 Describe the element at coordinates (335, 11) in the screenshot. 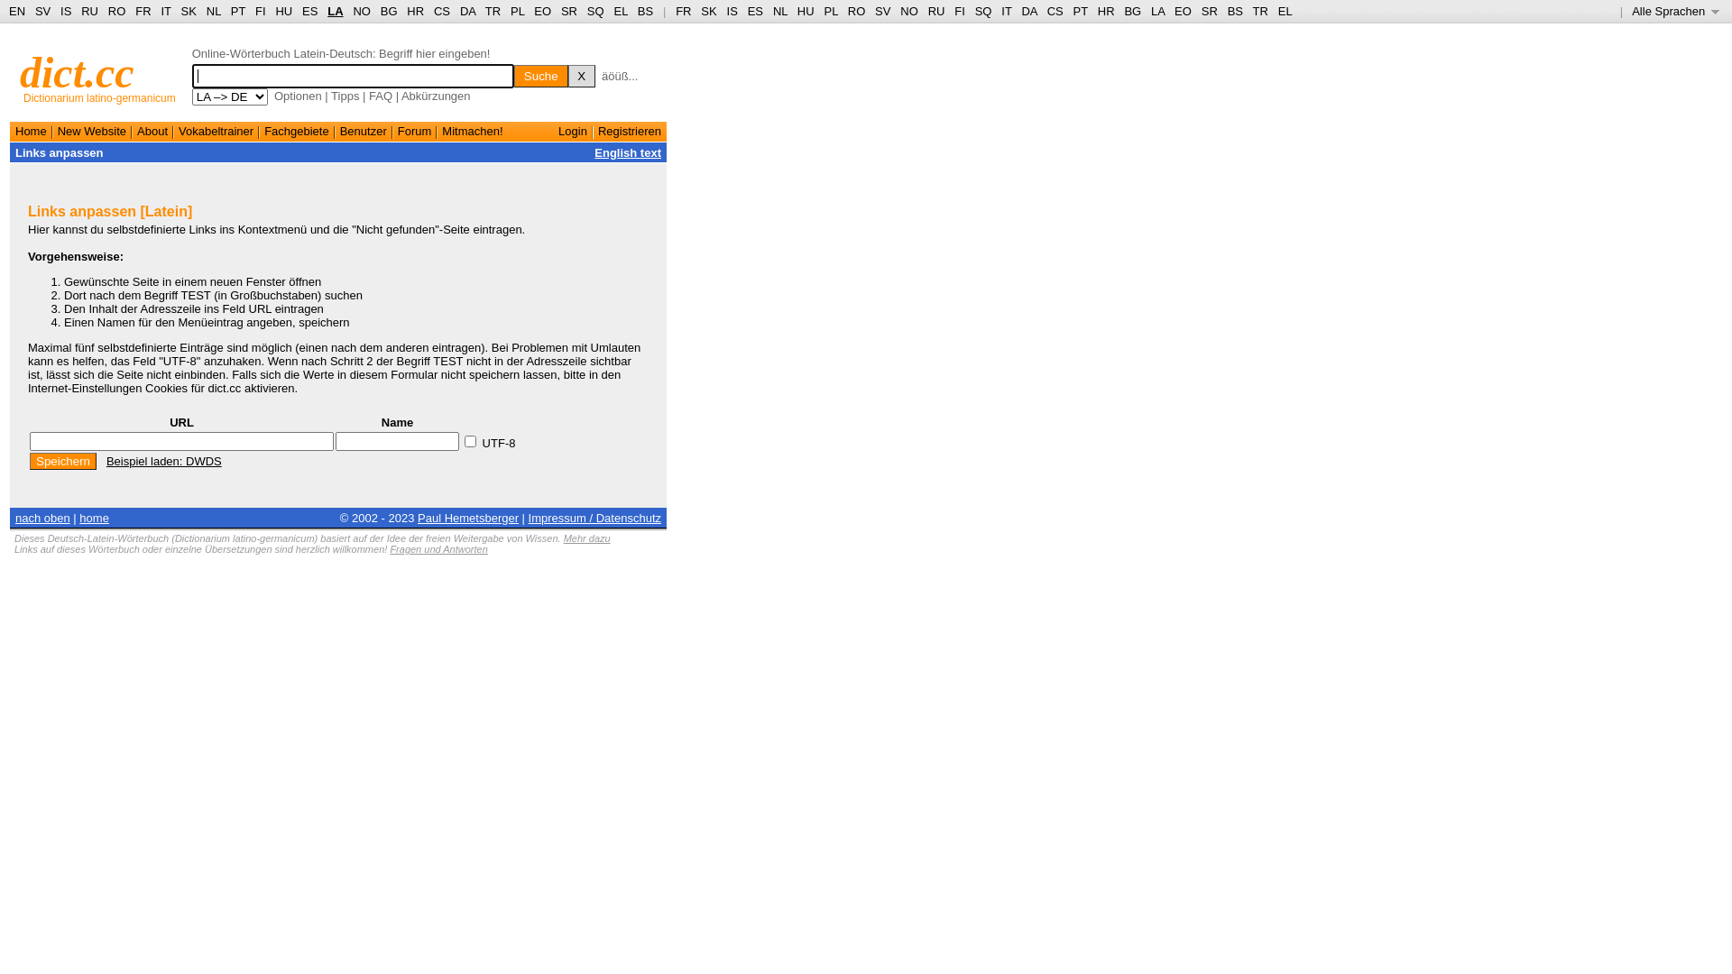

I see `'LA'` at that location.